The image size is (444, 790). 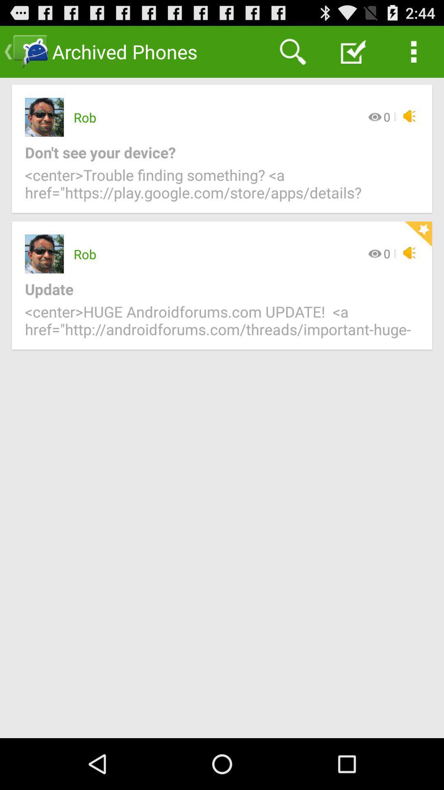 I want to click on item below center trouble finding icon, so click(x=418, y=233).